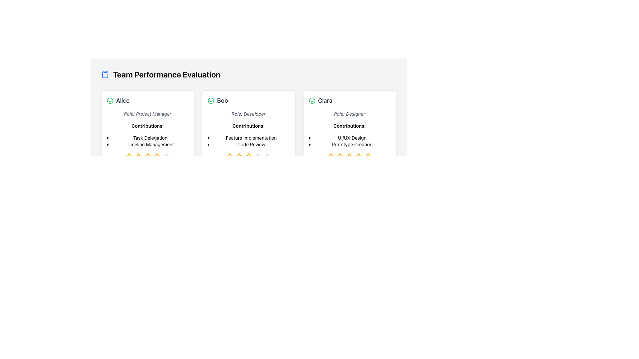 Image resolution: width=639 pixels, height=359 pixels. I want to click on from the fifth star icon in the star rating row beneath the 'Clara - Designer' card, so click(368, 157).